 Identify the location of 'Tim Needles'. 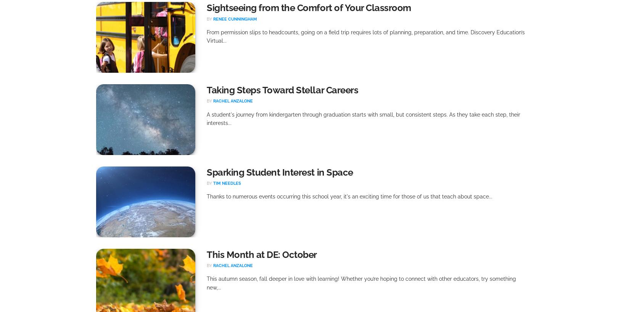
(227, 183).